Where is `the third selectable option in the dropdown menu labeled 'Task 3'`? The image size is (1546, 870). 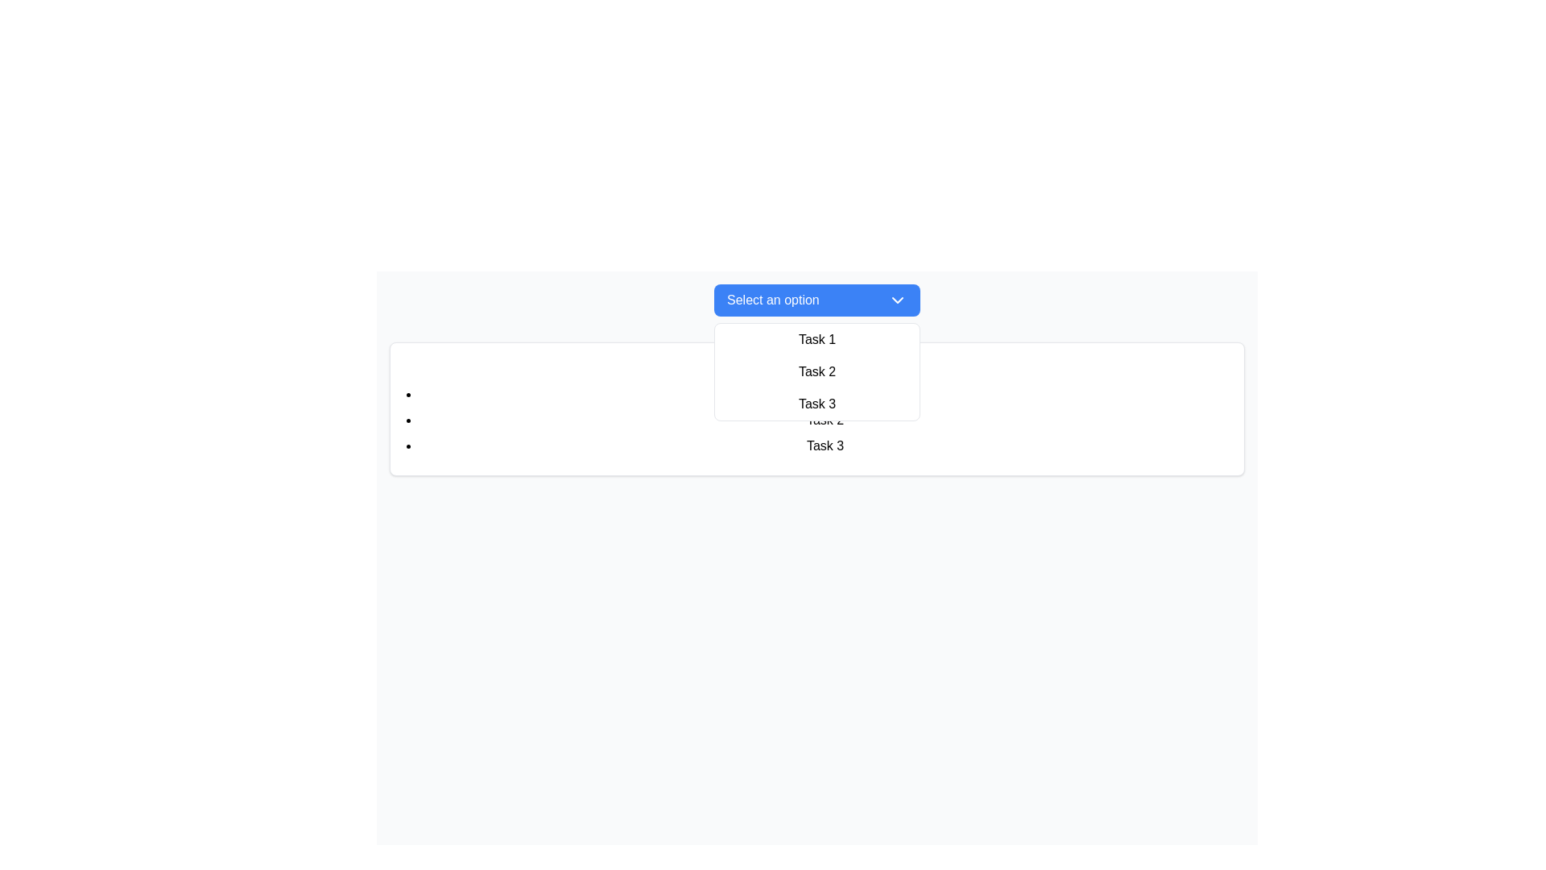 the third selectable option in the dropdown menu labeled 'Task 3' is located at coordinates (816, 403).